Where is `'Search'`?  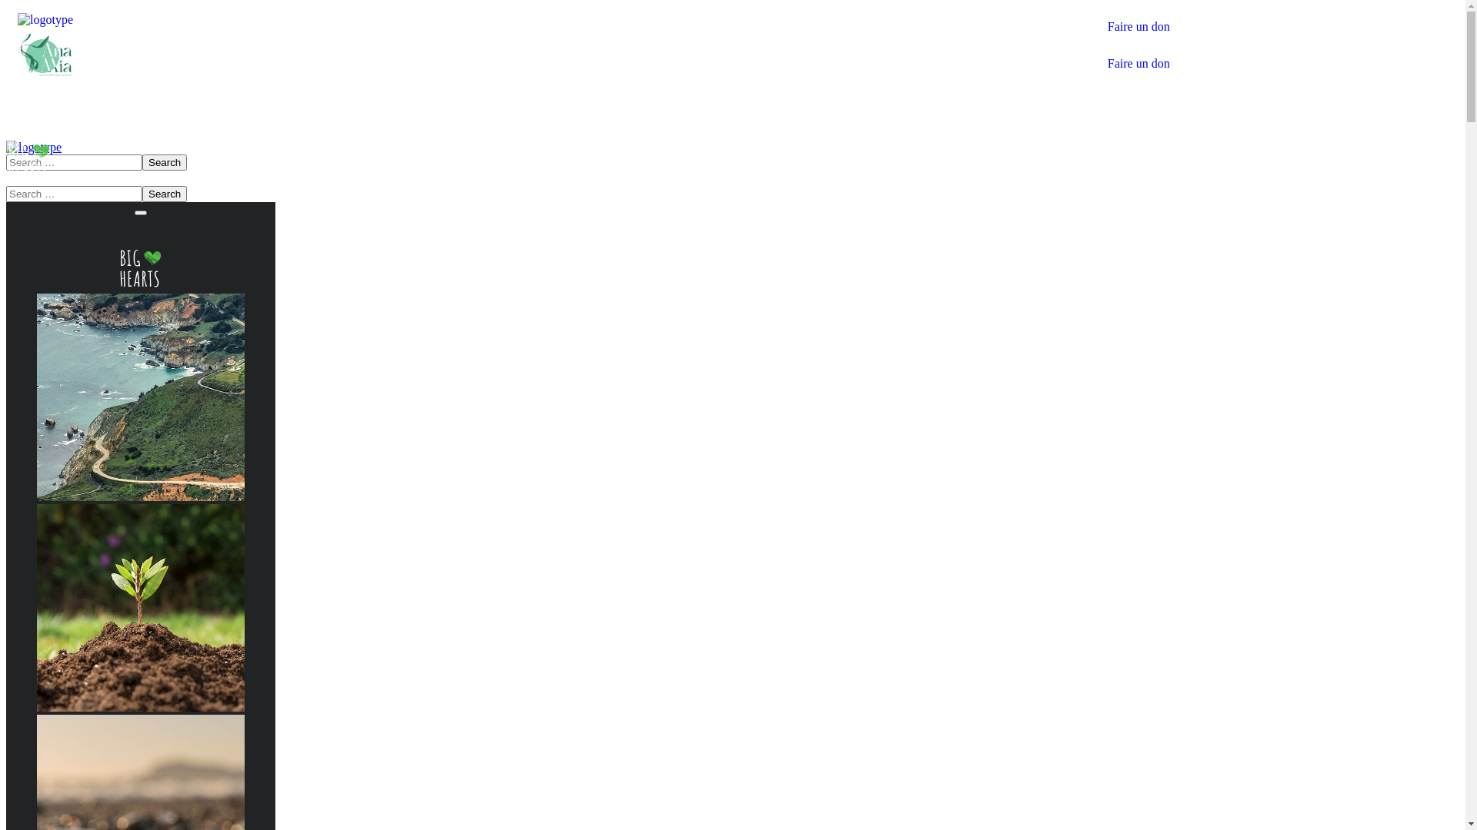 'Search' is located at coordinates (165, 193).